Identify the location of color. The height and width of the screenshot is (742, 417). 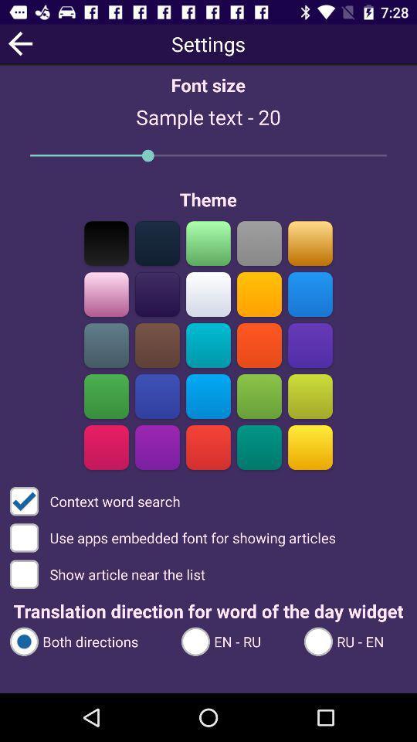
(208, 345).